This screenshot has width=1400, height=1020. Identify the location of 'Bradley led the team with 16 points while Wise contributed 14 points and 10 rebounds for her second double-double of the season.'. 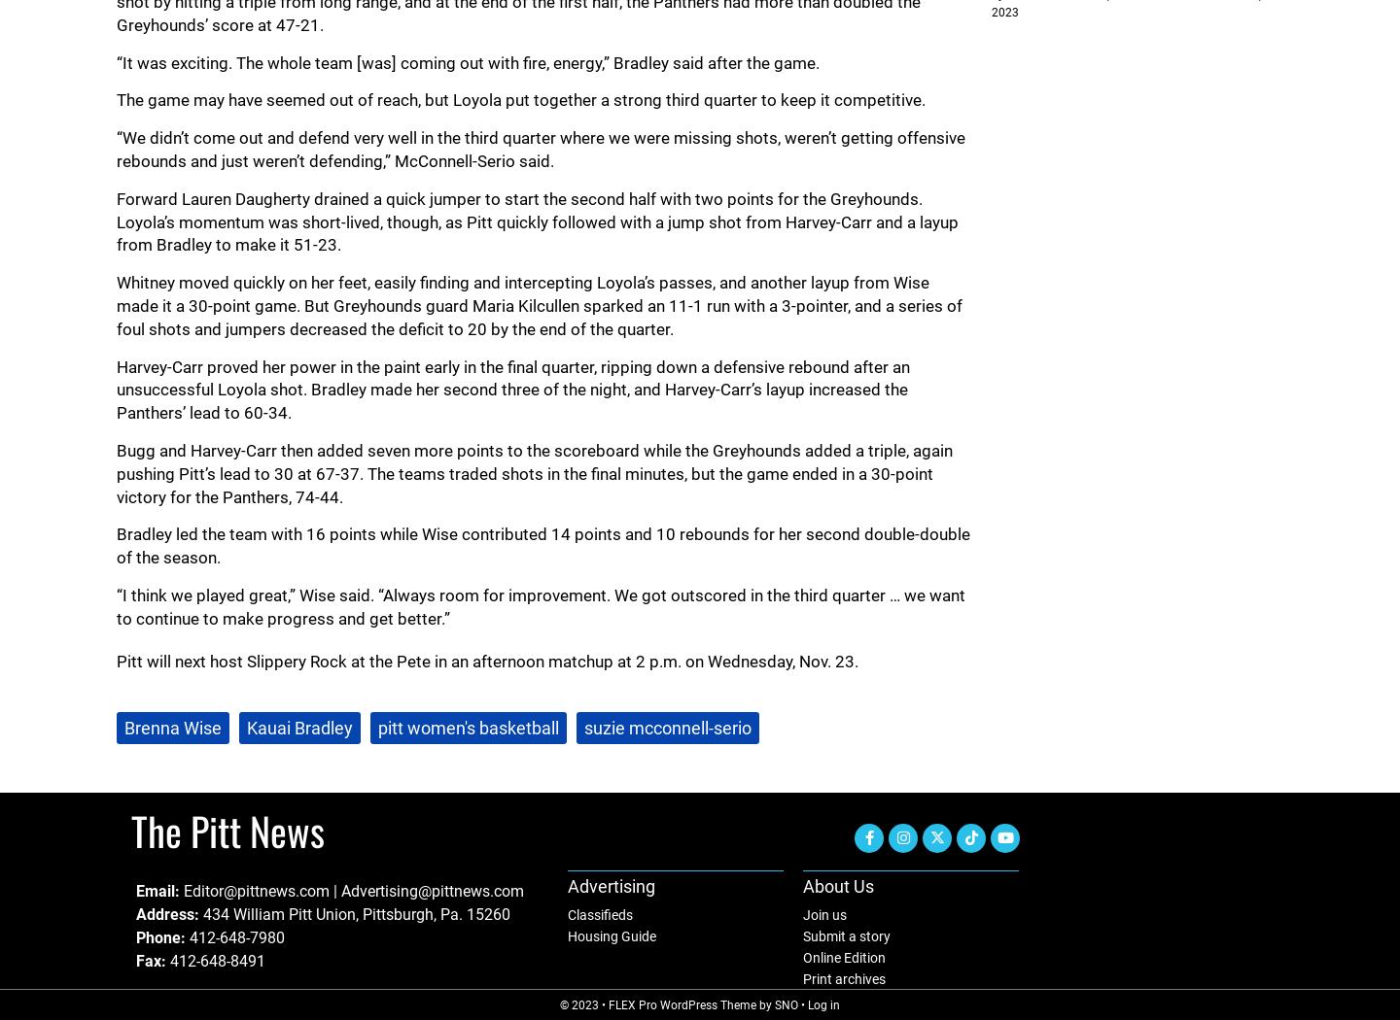
(543, 545).